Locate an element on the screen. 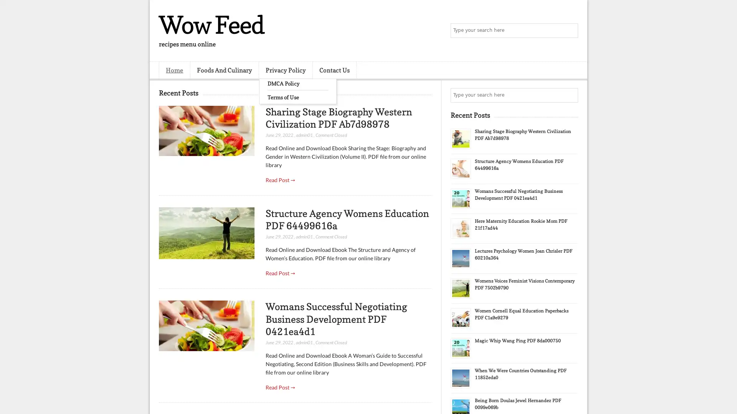  Search is located at coordinates (570, 31).